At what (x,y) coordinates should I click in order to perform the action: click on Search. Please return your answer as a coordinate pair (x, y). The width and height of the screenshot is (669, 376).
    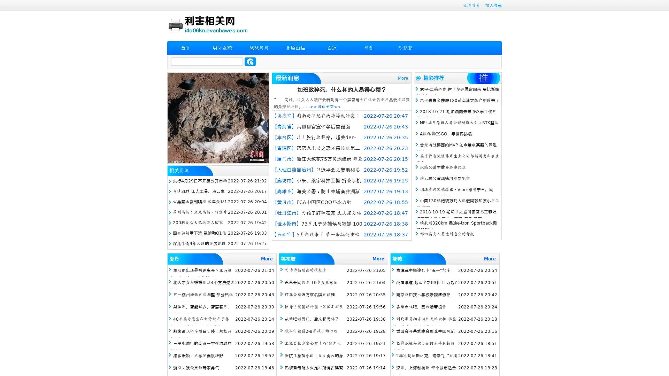
    Looking at the image, I should click on (250, 61).